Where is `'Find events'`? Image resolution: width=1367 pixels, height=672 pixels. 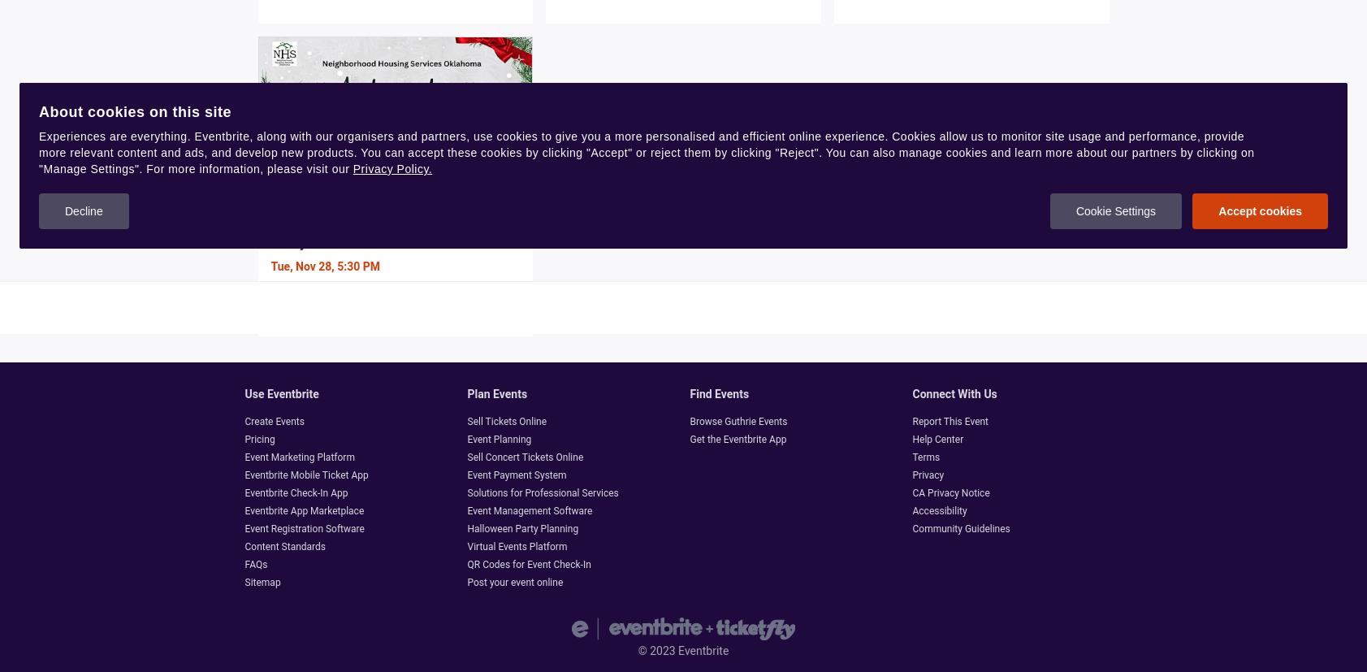 'Find events' is located at coordinates (690, 393).